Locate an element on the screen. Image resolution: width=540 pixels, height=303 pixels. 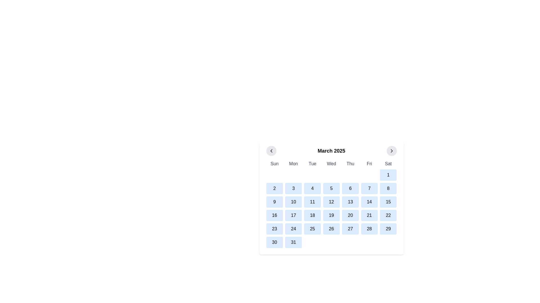
the calendar date cell styled with a light blue background, containing the text '25', located in the last row and third column of the March 2025 calendar is located at coordinates (312, 229).